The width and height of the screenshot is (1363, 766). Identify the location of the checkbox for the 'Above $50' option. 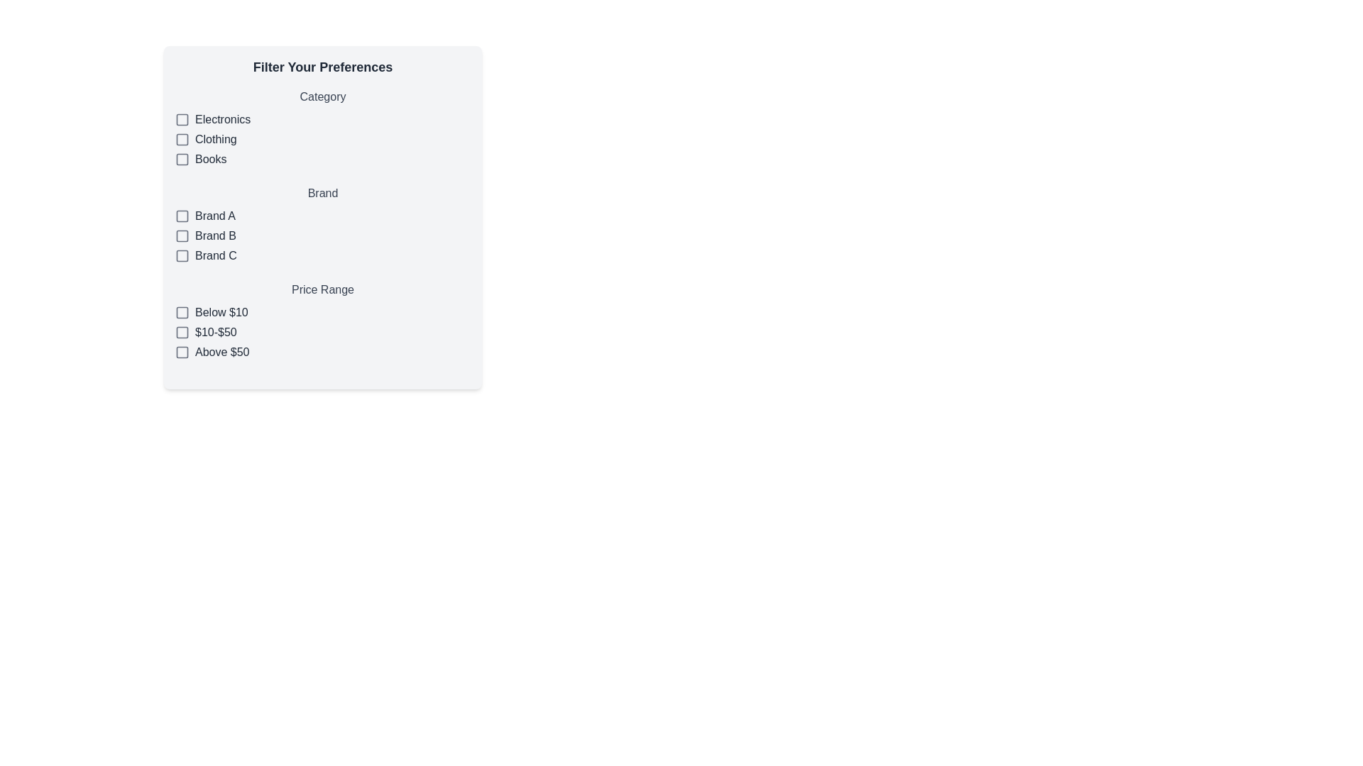
(182, 352).